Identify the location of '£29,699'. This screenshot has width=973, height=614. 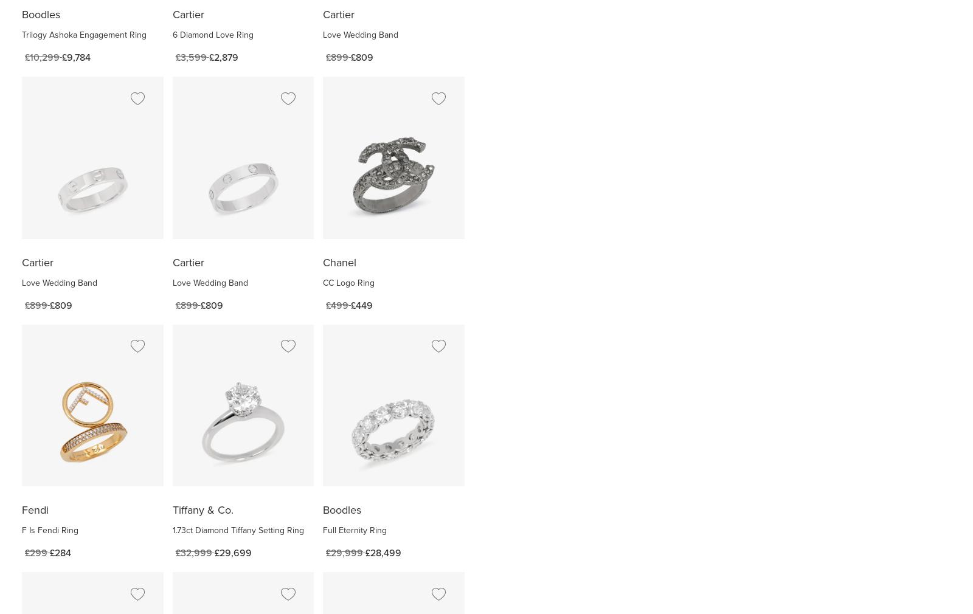
(232, 553).